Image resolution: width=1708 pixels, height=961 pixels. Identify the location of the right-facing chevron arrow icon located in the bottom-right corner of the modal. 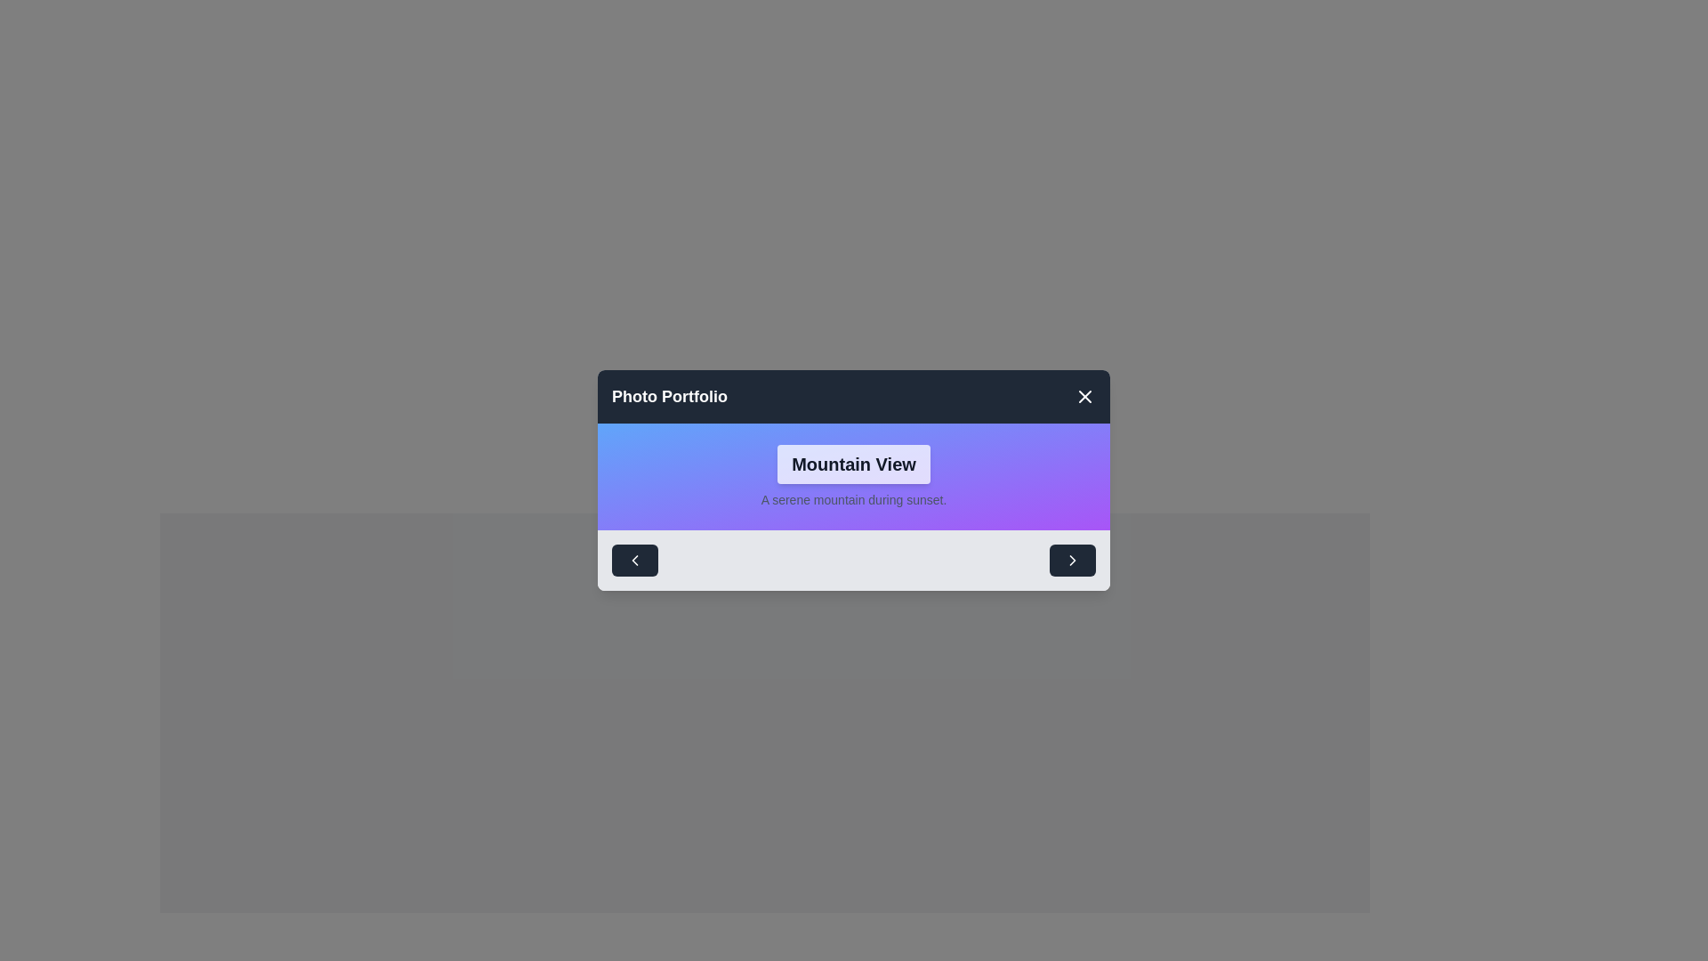
(1071, 559).